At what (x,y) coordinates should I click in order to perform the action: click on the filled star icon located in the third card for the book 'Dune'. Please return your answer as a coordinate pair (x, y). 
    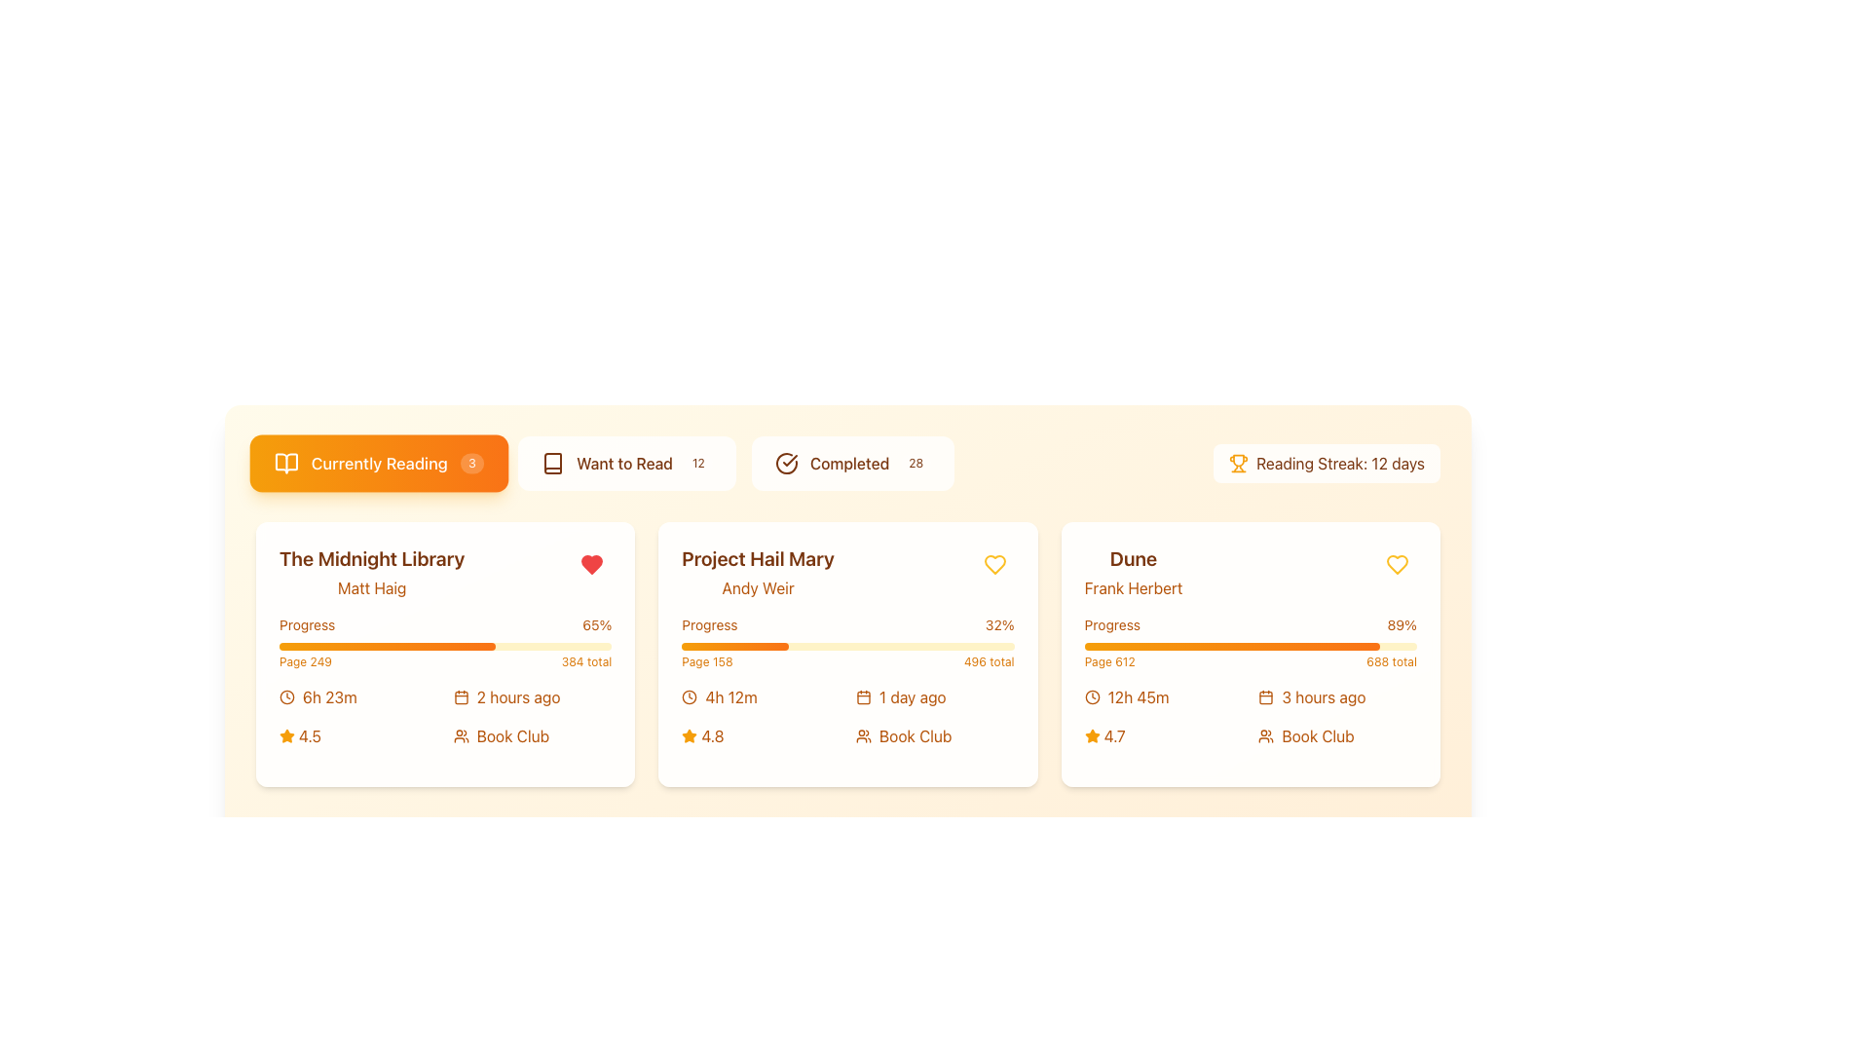
    Looking at the image, I should click on (1092, 735).